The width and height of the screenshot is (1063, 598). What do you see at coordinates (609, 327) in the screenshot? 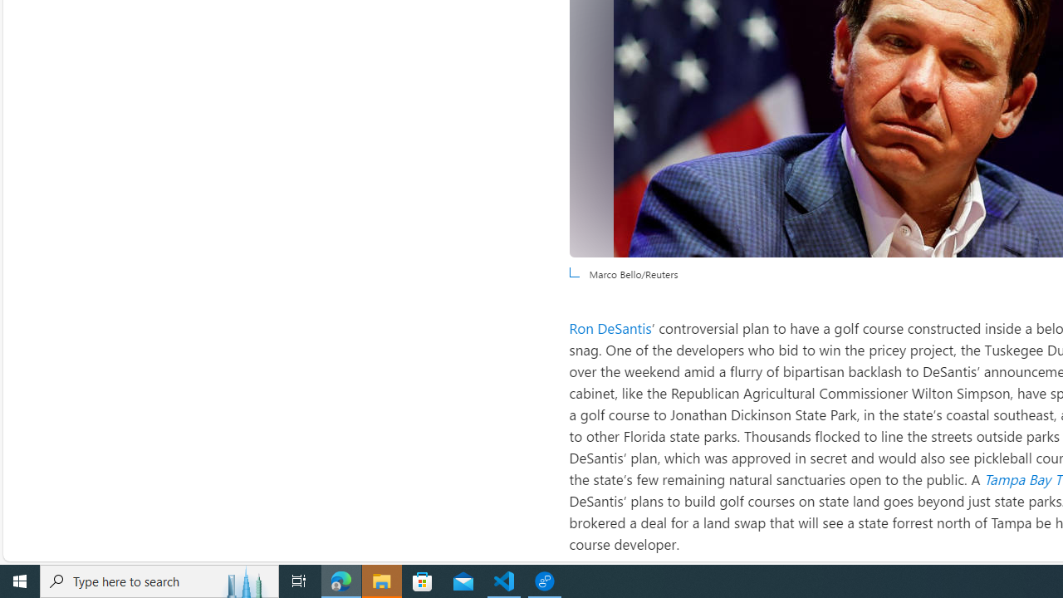
I see `'Ron DeSantis'` at bounding box center [609, 327].